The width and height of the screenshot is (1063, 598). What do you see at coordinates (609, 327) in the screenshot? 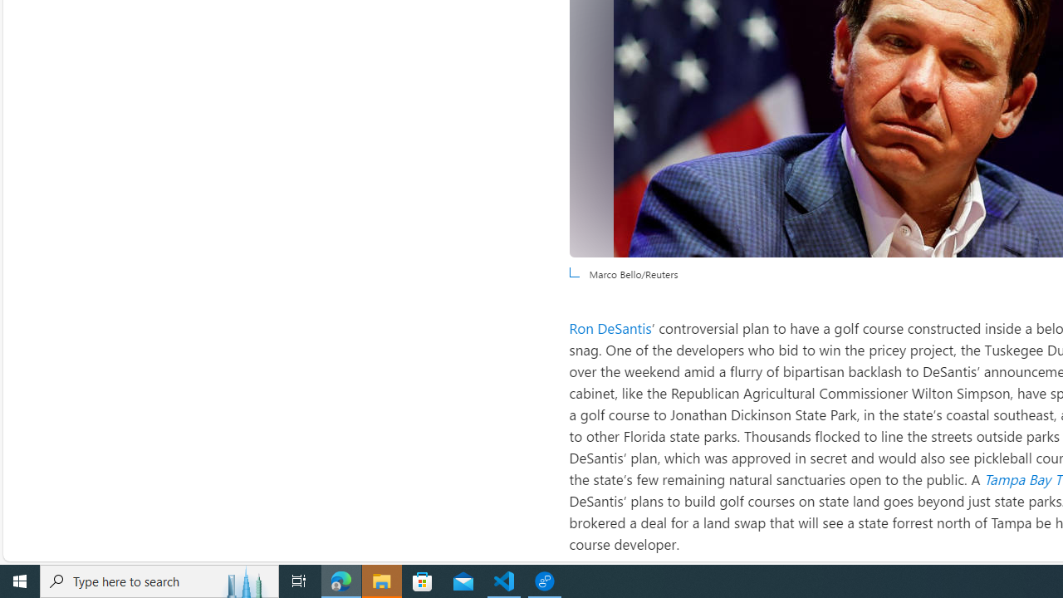
I see `'Ron DeSantis'` at bounding box center [609, 327].